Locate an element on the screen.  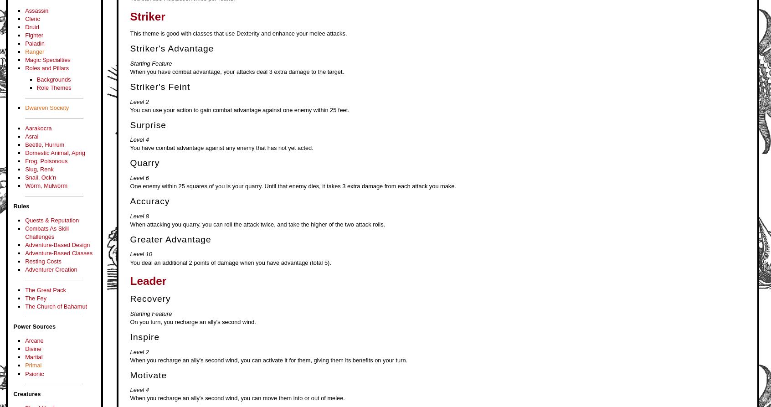
'Leader' is located at coordinates (148, 280).